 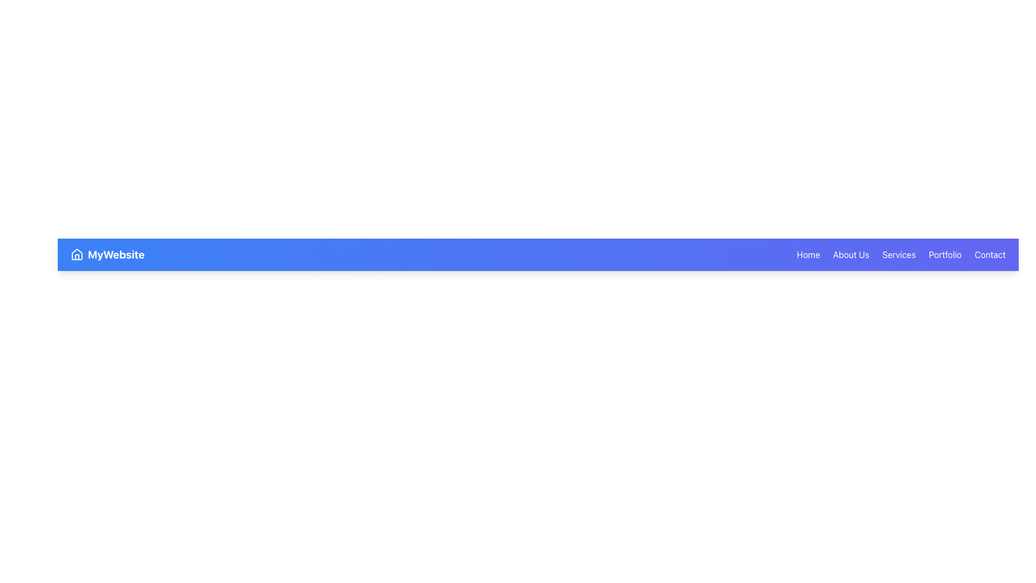 What do you see at coordinates (77, 254) in the screenshot?
I see `the leftmost icon in the navigation bar, which serves as a button or link` at bounding box center [77, 254].